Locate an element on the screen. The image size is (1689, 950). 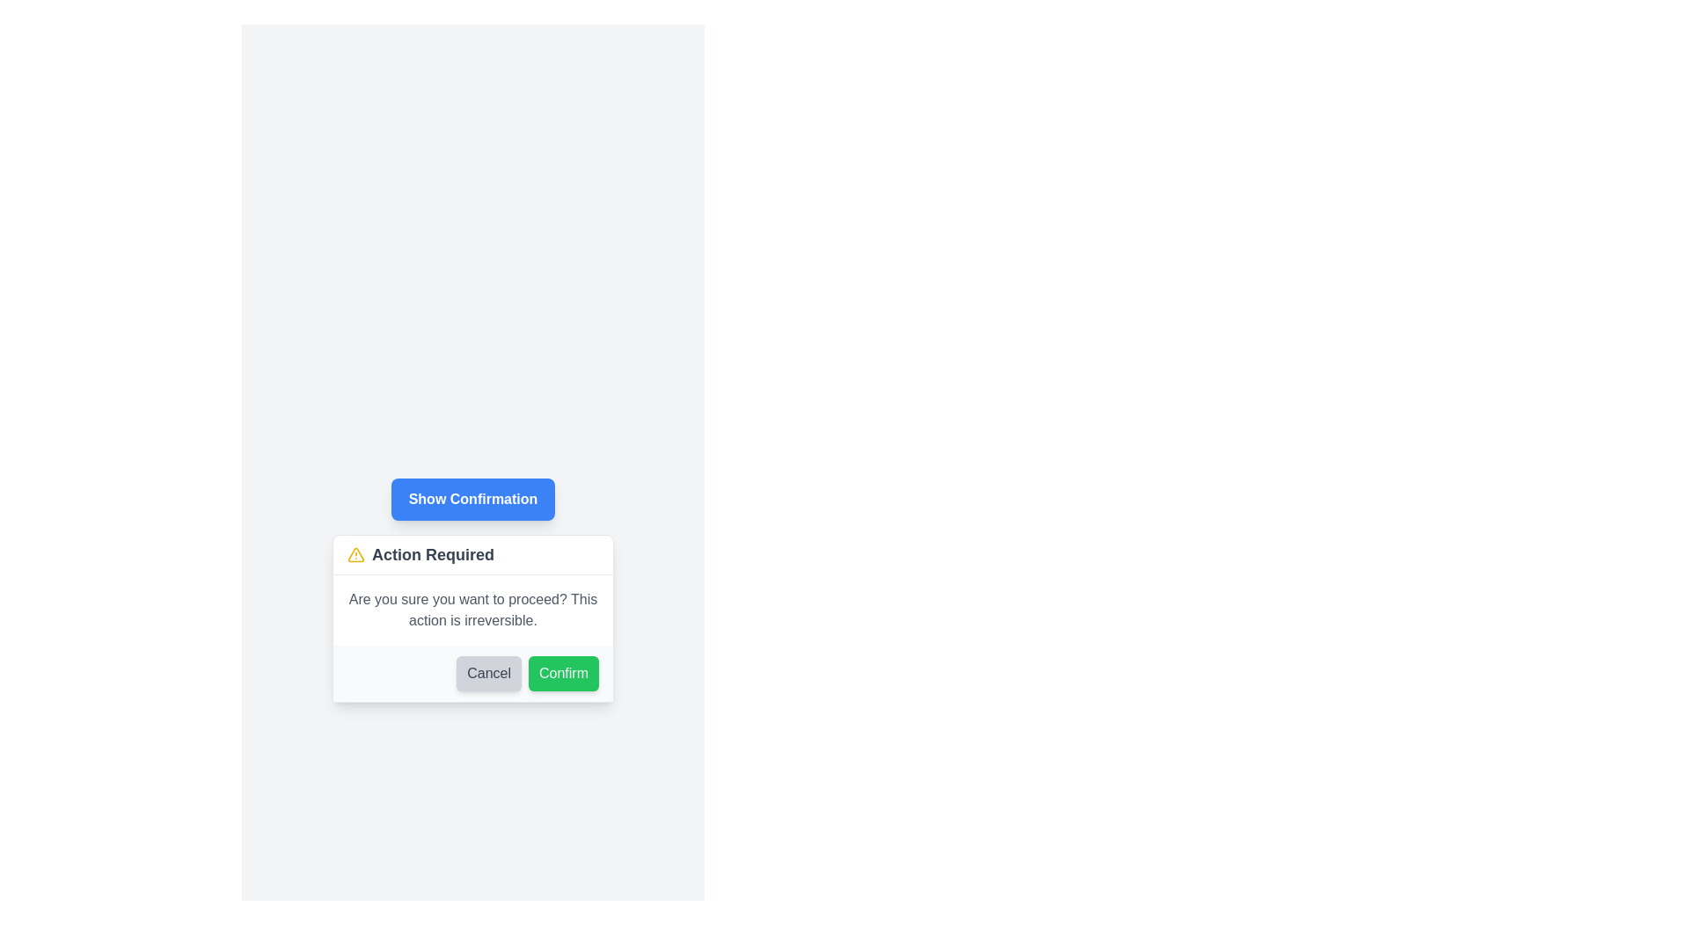
the confirmation button located at the center near the top of the modal dialog is located at coordinates (472, 499).